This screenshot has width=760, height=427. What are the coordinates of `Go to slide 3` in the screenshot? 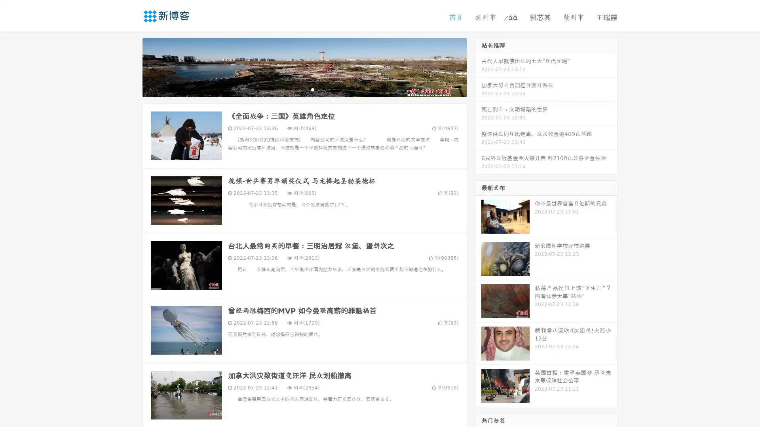 It's located at (312, 89).